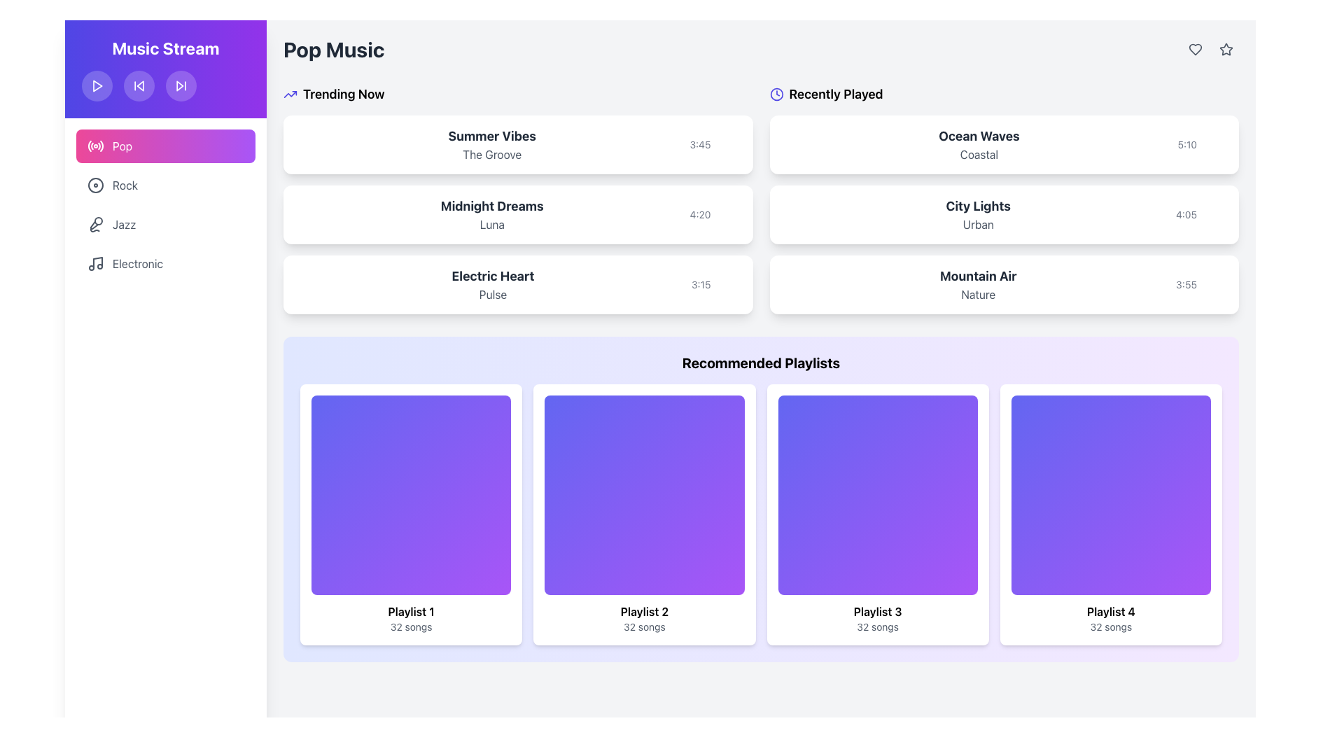 This screenshot has width=1344, height=756. I want to click on the selectable navigation item labeled 'Jazz', which is the third entry in the vertical list under the 'Music Stream' section, so click(165, 223).